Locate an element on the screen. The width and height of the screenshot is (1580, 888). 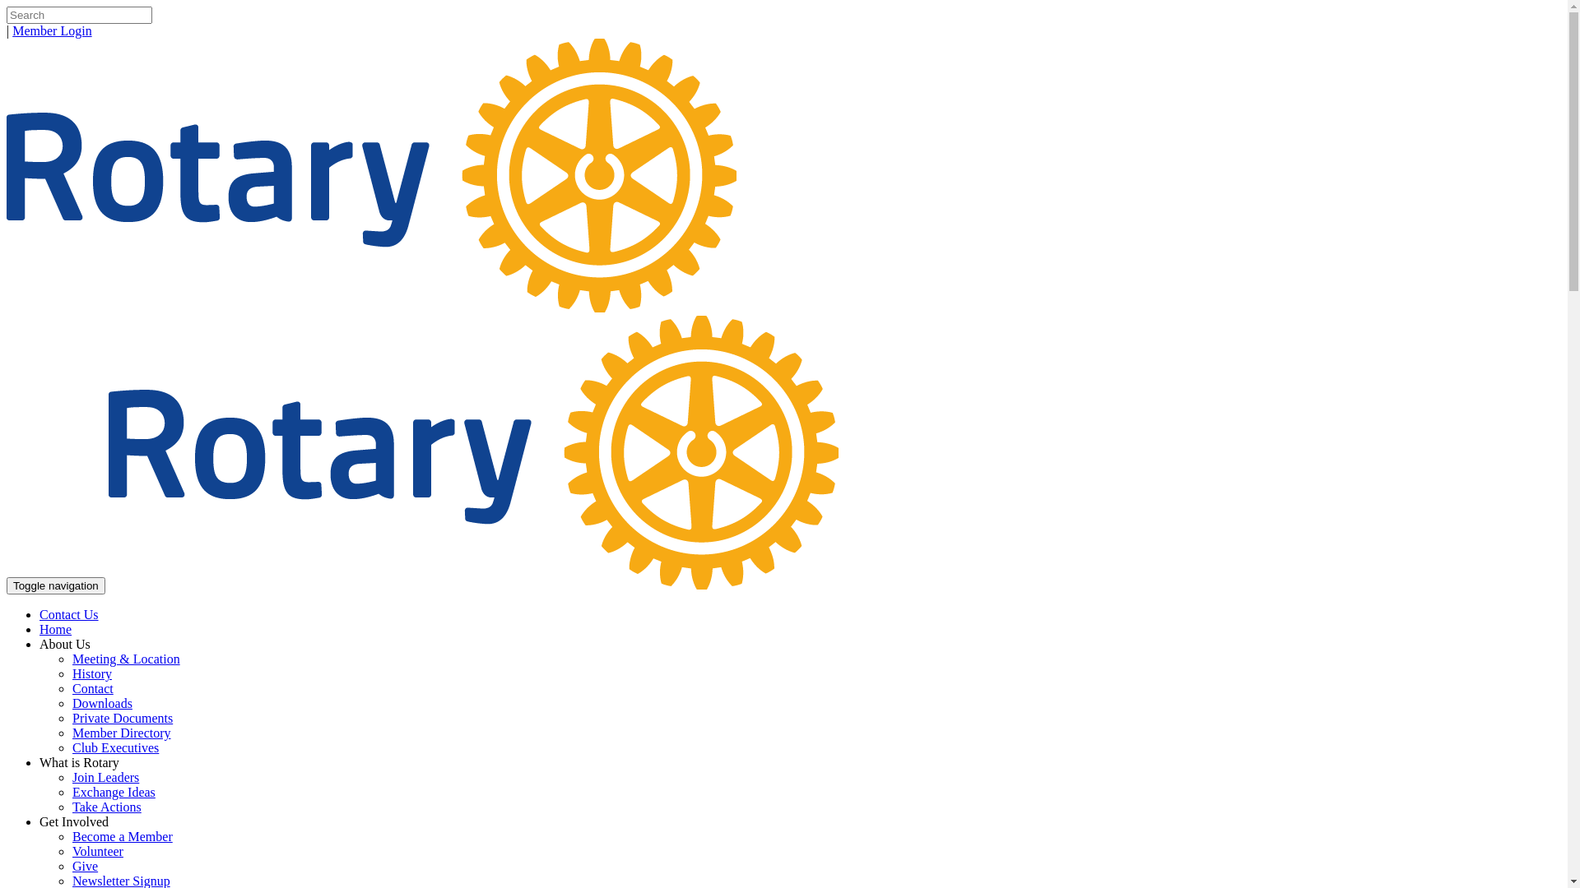
'Home' is located at coordinates (55, 629).